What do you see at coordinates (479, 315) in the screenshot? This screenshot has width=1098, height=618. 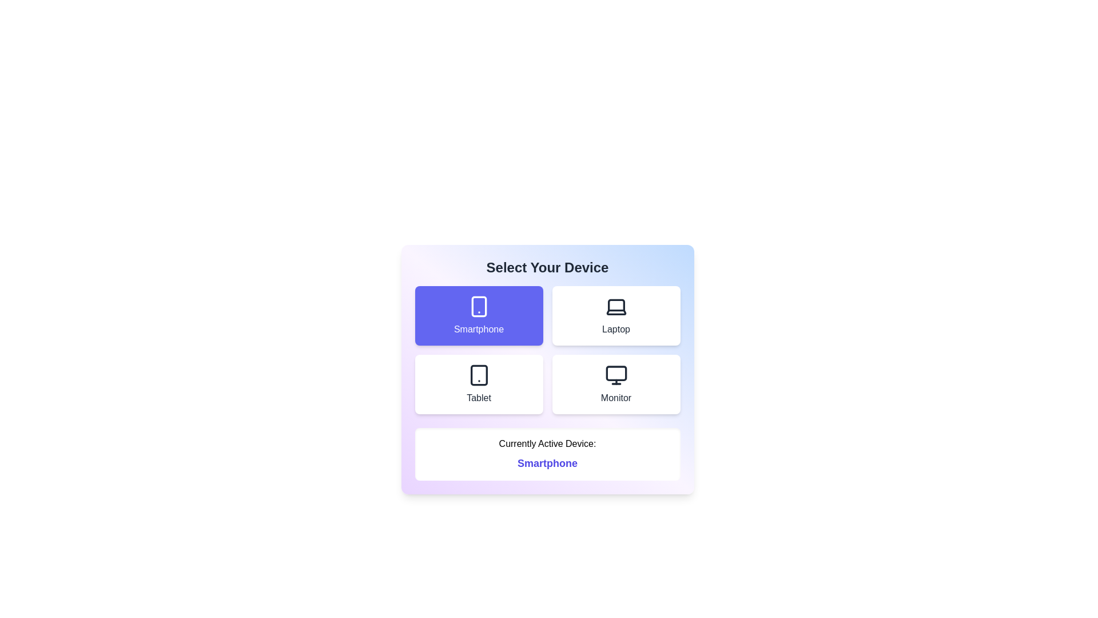 I see `the device option labeled Smartphone to observe its hover effect` at bounding box center [479, 315].